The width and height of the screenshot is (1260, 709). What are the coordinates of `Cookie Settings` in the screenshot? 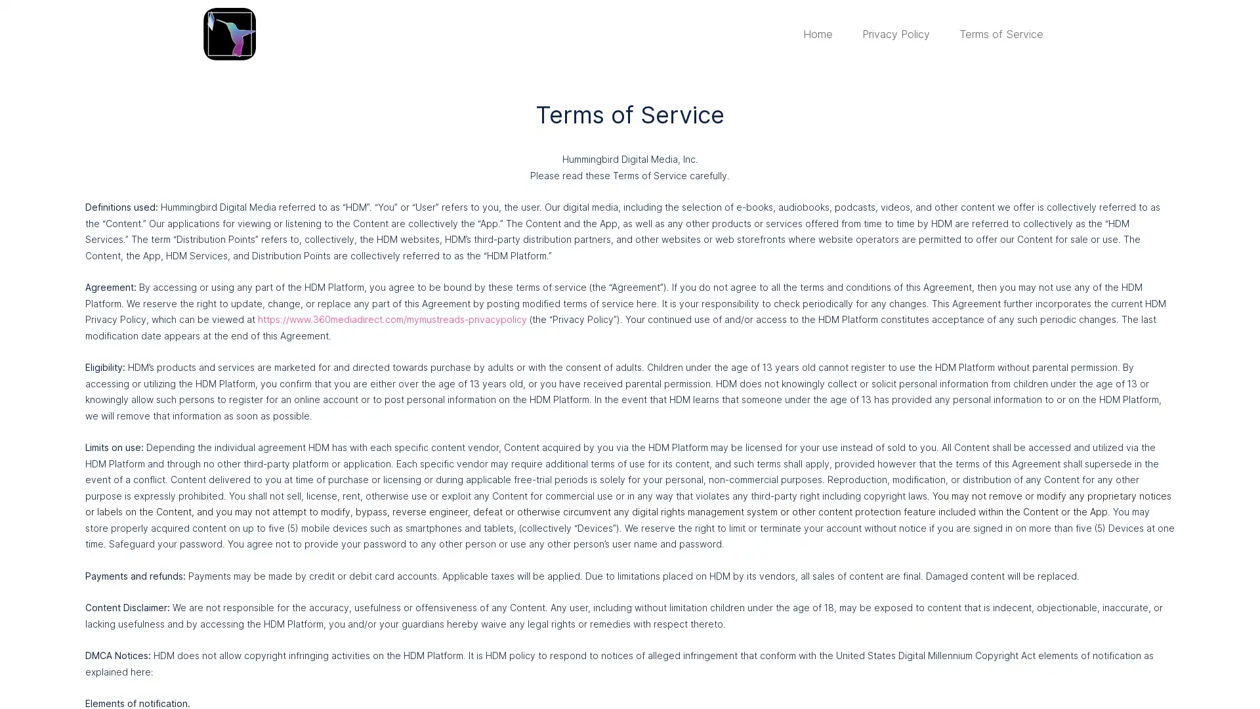 It's located at (915, 680).